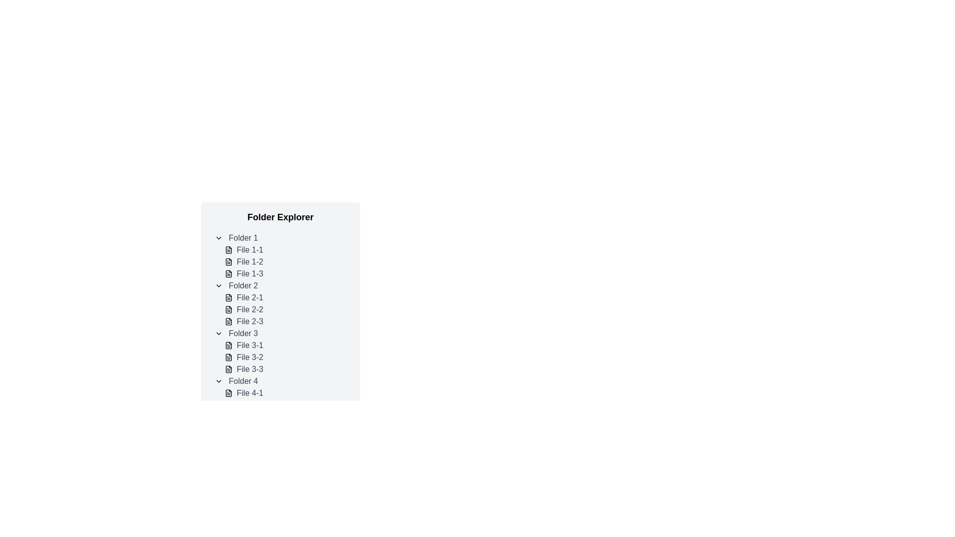  I want to click on the 'Folder Explorer' text label, which is a prominently styled header at the top of the list-like structure, so click(280, 216).